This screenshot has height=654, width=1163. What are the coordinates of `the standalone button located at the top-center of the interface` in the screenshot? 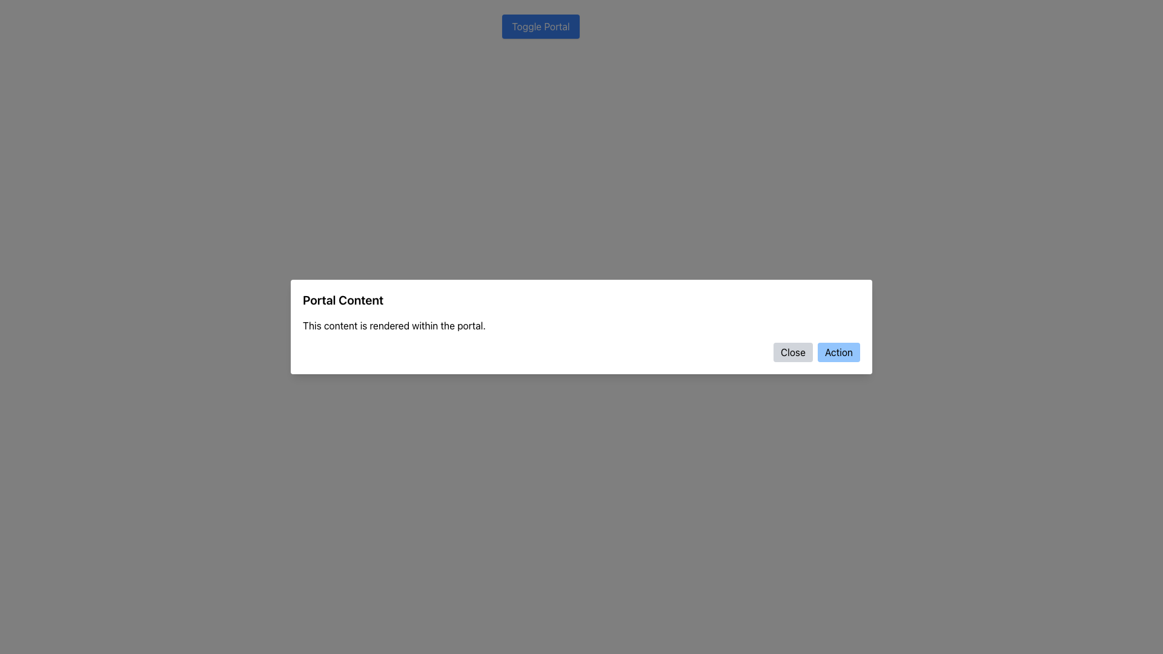 It's located at (540, 26).